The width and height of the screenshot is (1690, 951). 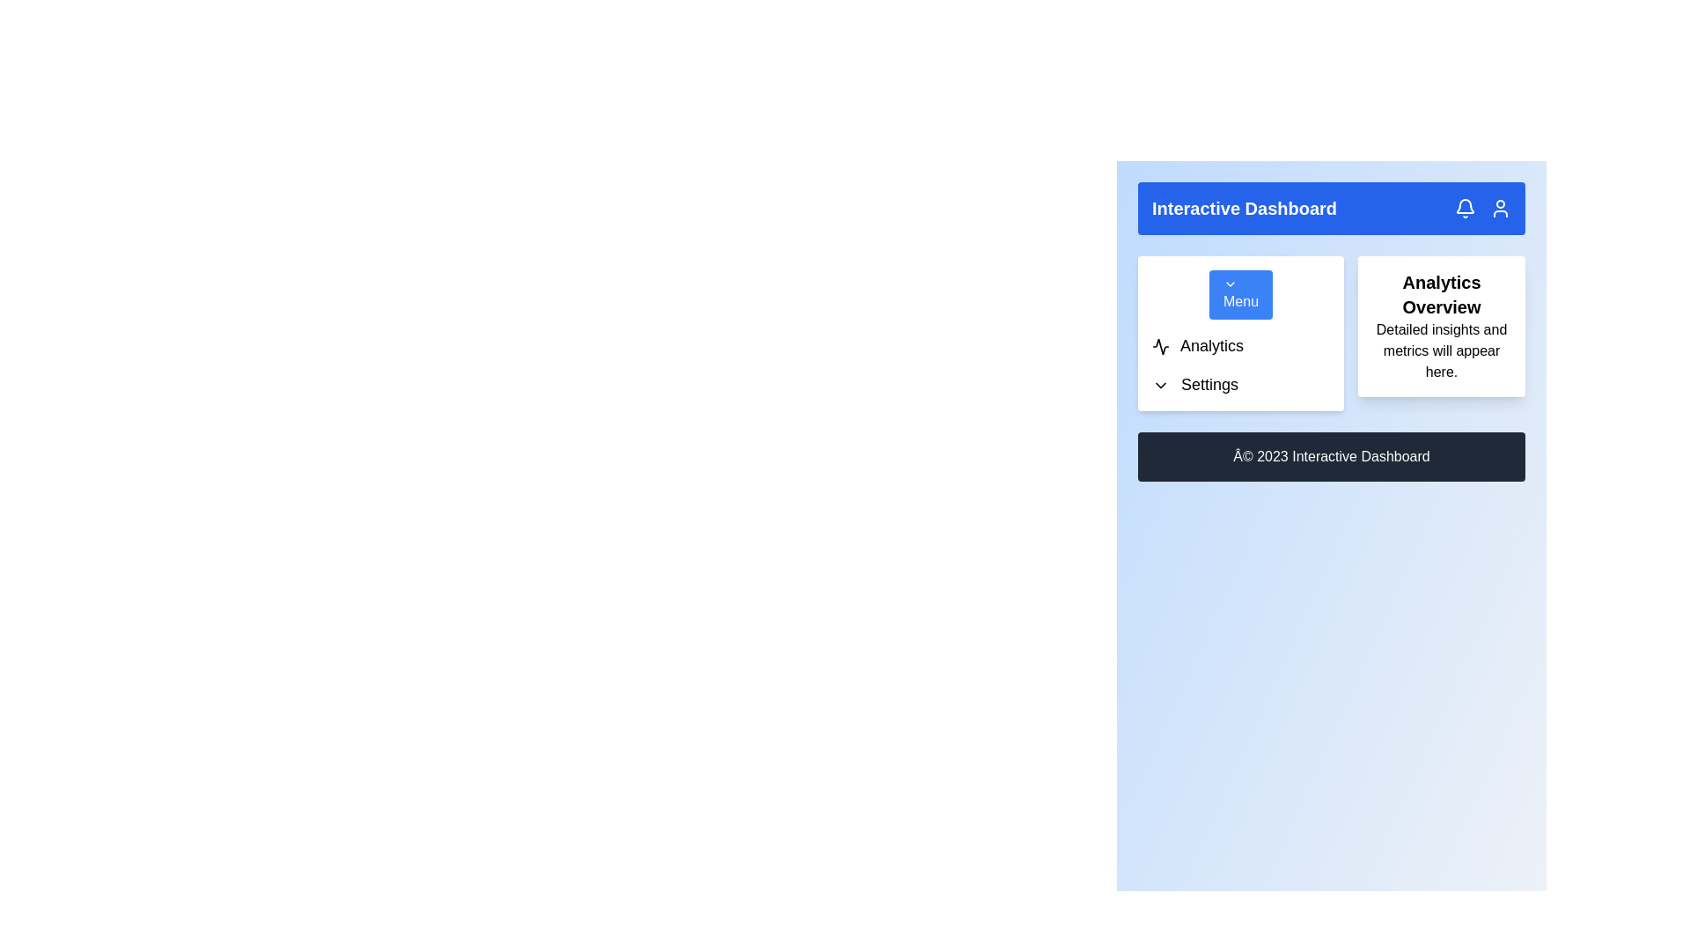 I want to click on the notification indicator icon located on the top bar, which is situated to the right of 'Interactive Dashboard' and before the user profile icon, so click(x=1466, y=205).